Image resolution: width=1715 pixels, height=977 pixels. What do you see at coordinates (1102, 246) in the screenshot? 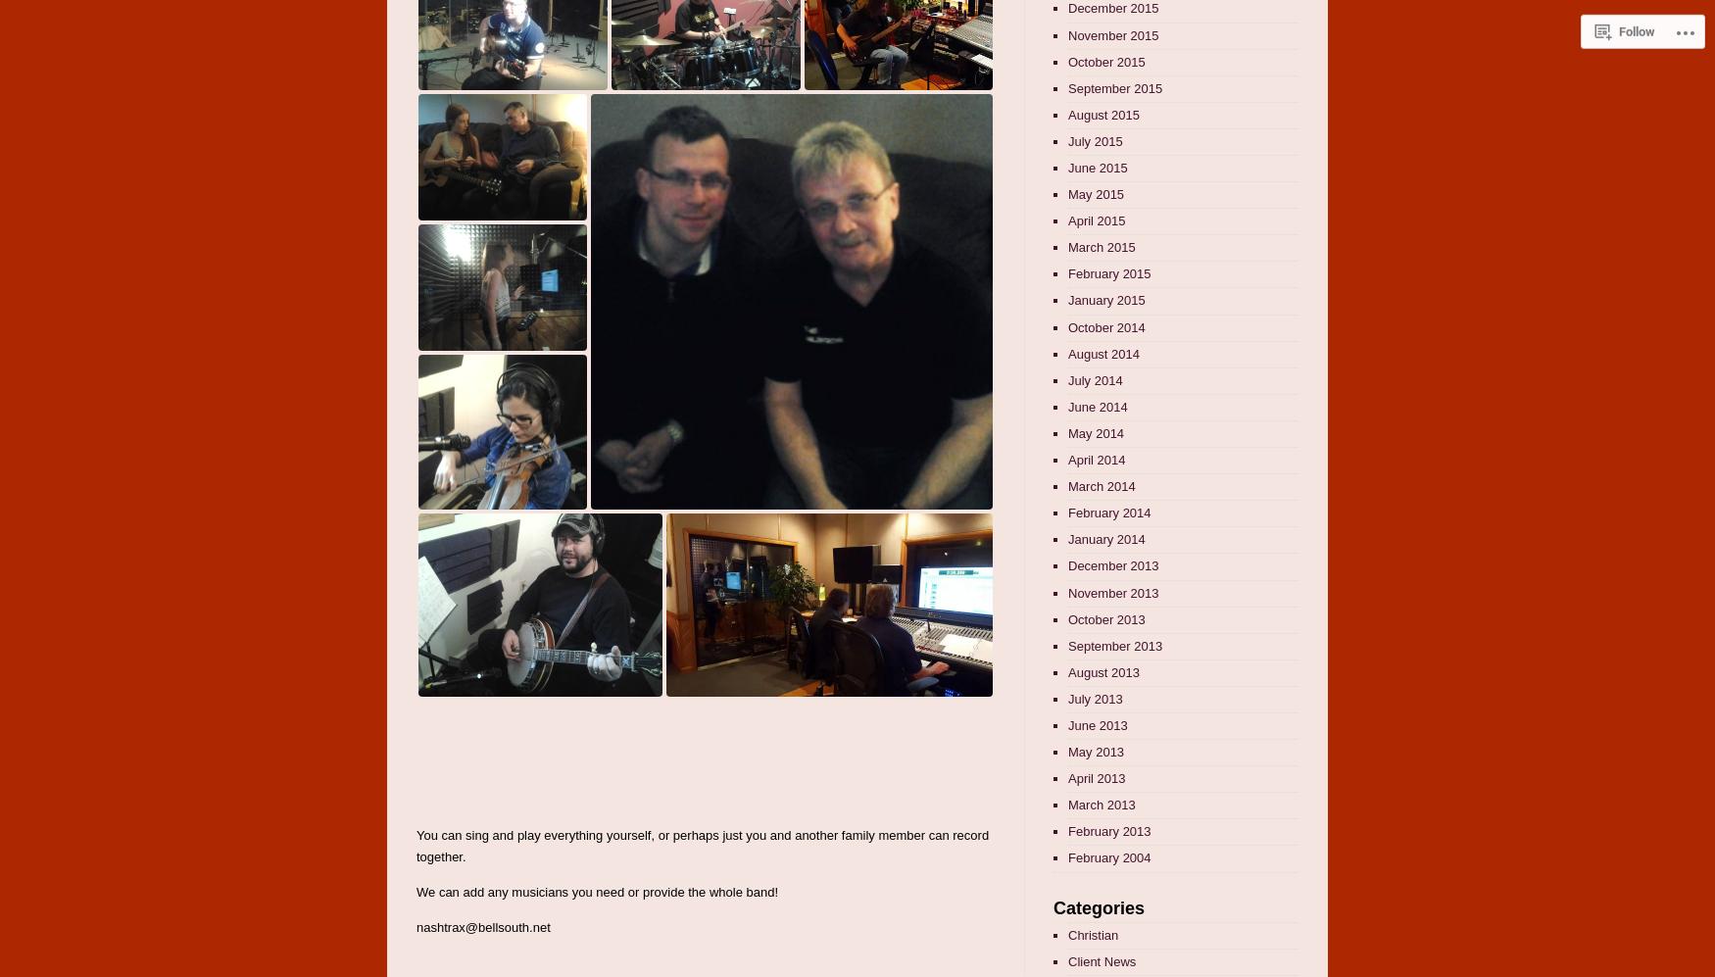
I see `'March 2015'` at bounding box center [1102, 246].